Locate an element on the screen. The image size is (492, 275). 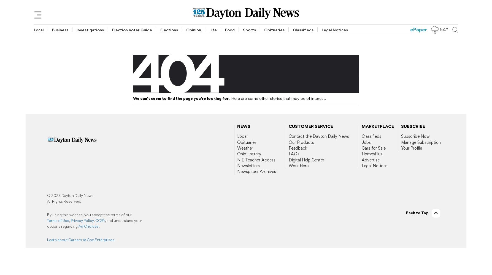
'2023' is located at coordinates (56, 195).